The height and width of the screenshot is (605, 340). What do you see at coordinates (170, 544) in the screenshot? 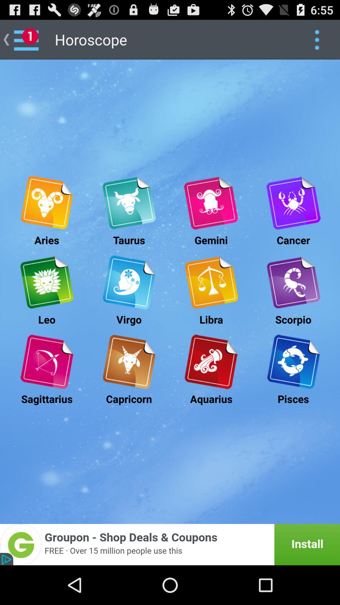
I see `pop up advertisement for groupon app` at bounding box center [170, 544].